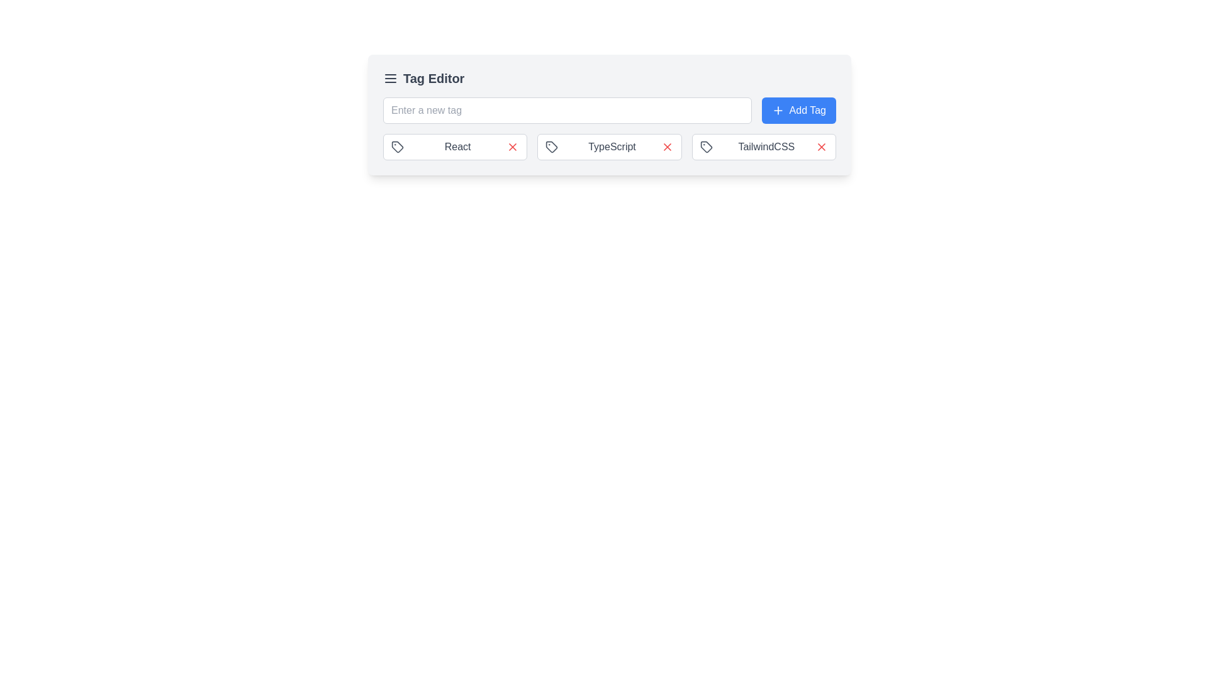 Image resolution: width=1208 pixels, height=679 pixels. I want to click on the informational icon for the 'TailwindCSS' tag, which is positioned to the left of the text 'TailwindCSS', so click(706, 146).